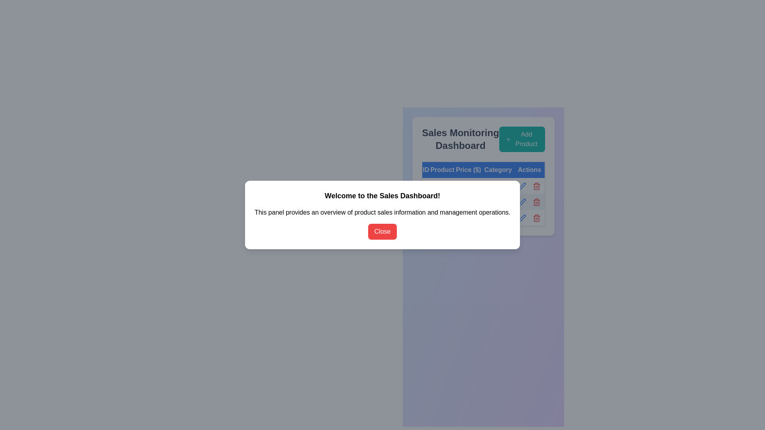  I want to click on the Text Label that serves as a header indicating a category-related column, located between 'Price ($)' and 'Actions' in a blue background area, so click(498, 169).